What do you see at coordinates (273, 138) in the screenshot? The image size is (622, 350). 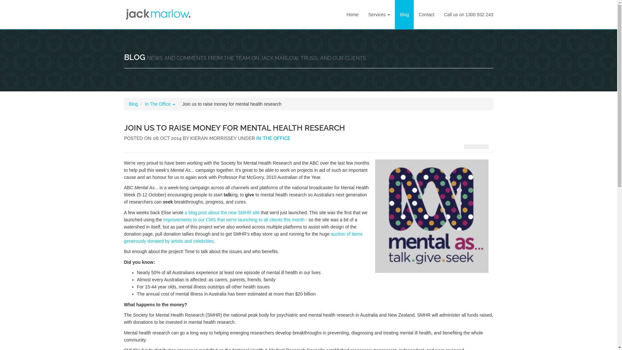 I see `'IN THE OFFICE'` at bounding box center [273, 138].